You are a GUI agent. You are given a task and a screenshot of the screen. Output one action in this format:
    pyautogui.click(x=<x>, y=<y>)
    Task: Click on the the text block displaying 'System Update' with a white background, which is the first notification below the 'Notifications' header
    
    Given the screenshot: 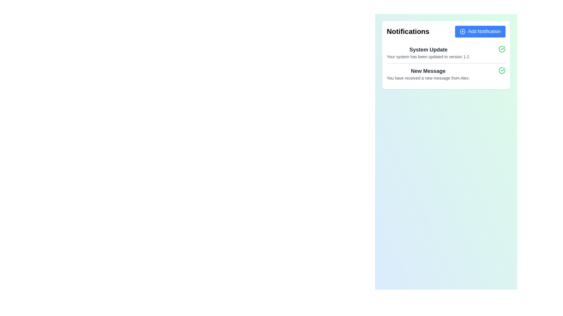 What is the action you would take?
    pyautogui.click(x=428, y=53)
    